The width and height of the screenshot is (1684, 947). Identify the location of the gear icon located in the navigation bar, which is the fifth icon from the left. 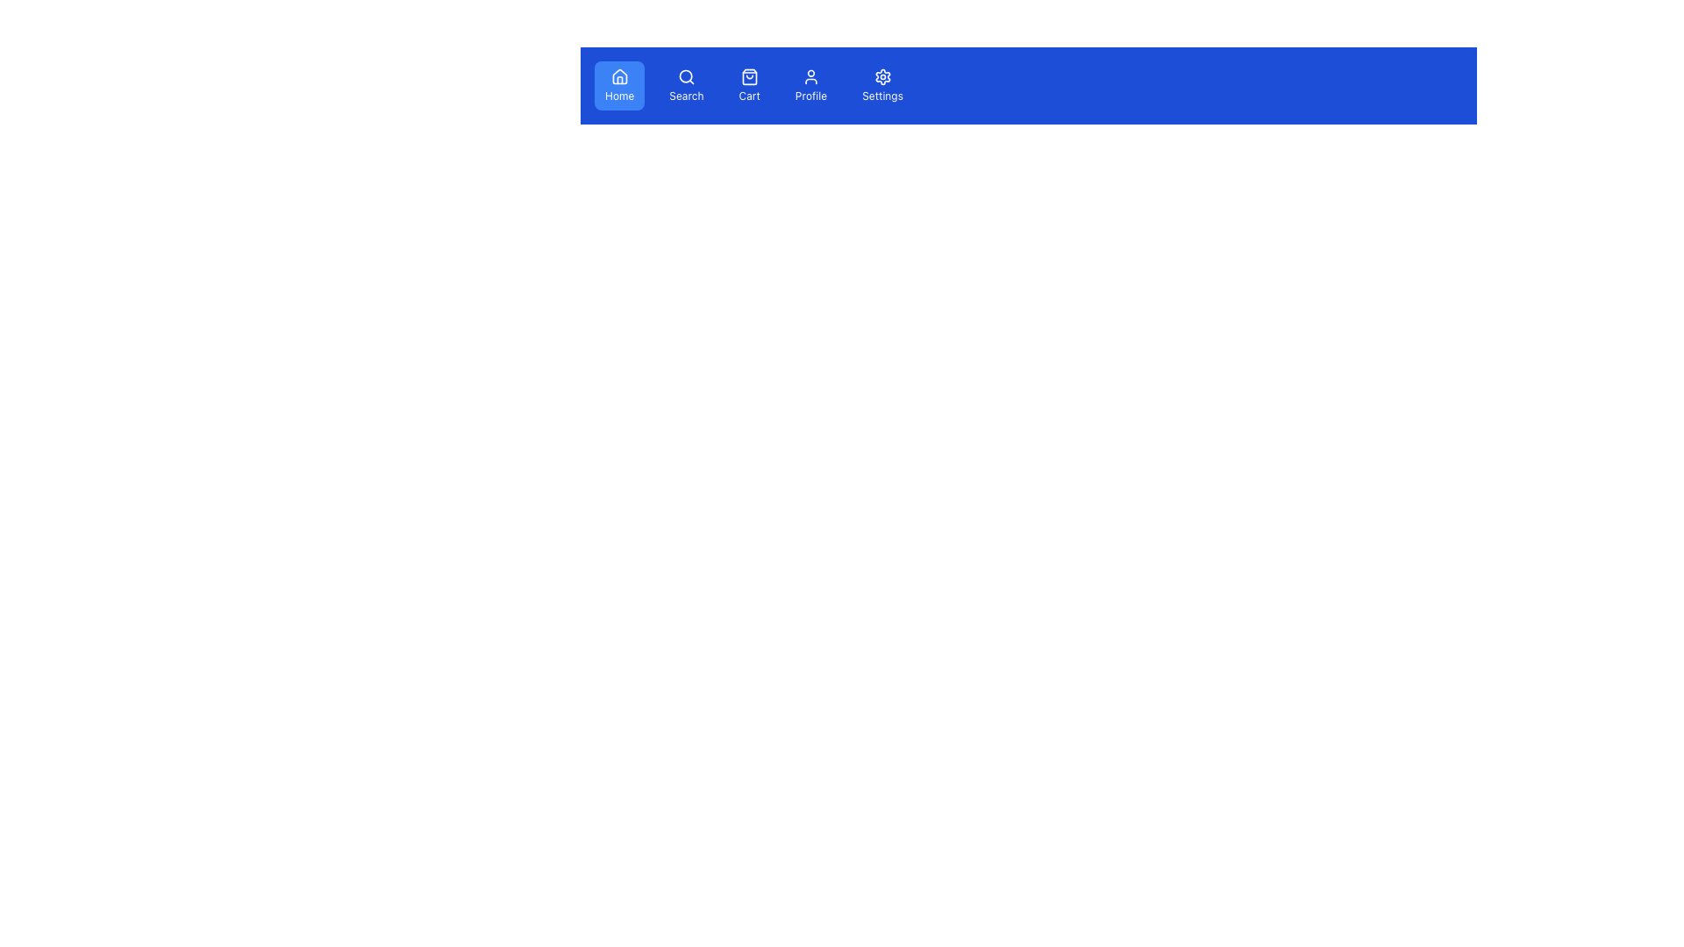
(882, 76).